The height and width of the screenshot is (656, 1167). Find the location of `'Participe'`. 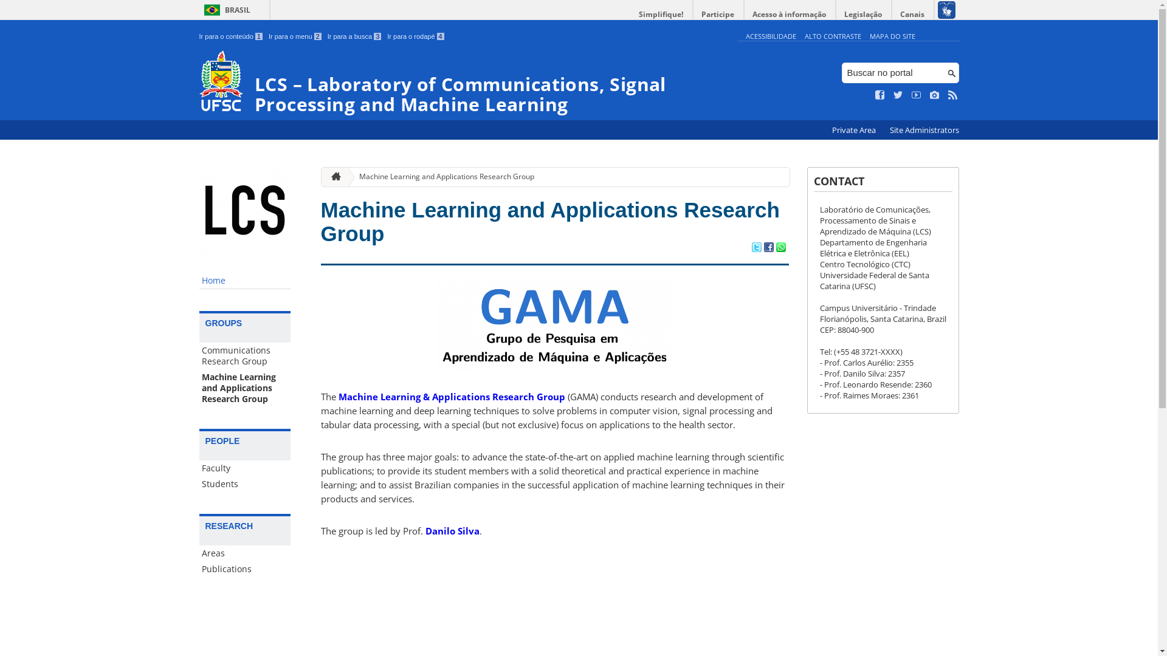

'Participe' is located at coordinates (717, 14).